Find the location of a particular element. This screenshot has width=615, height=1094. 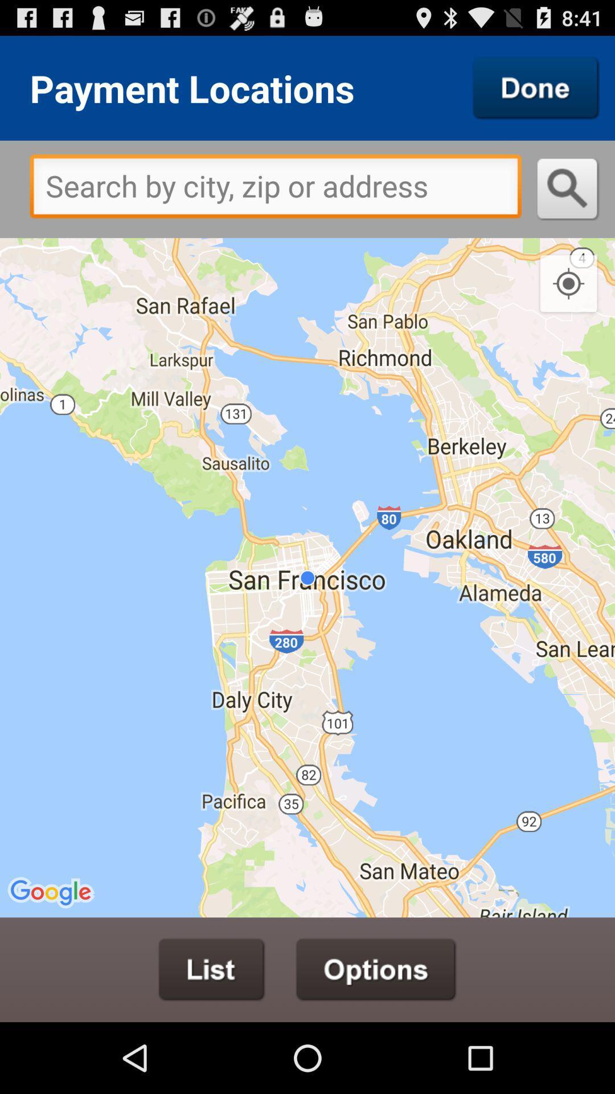

item at the top is located at coordinates (276, 189).